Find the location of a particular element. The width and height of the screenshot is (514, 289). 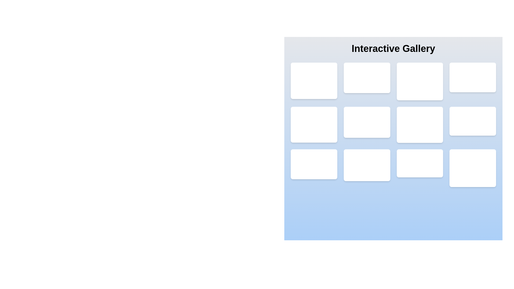

the Content card showcasing a specific artwork, which is the fourth item in the first row of the grid layout is located at coordinates (473, 77).